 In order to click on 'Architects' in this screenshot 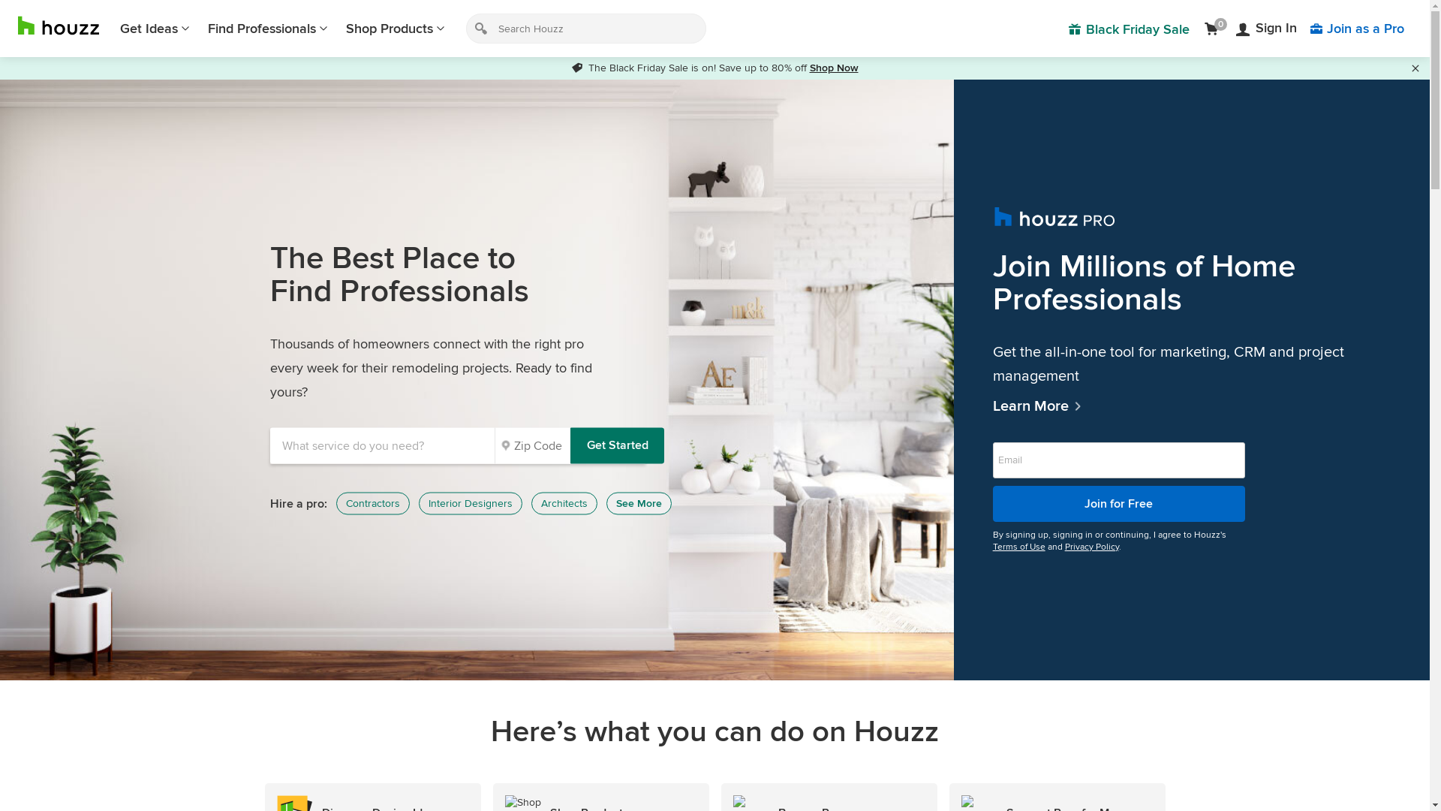, I will do `click(564, 504)`.